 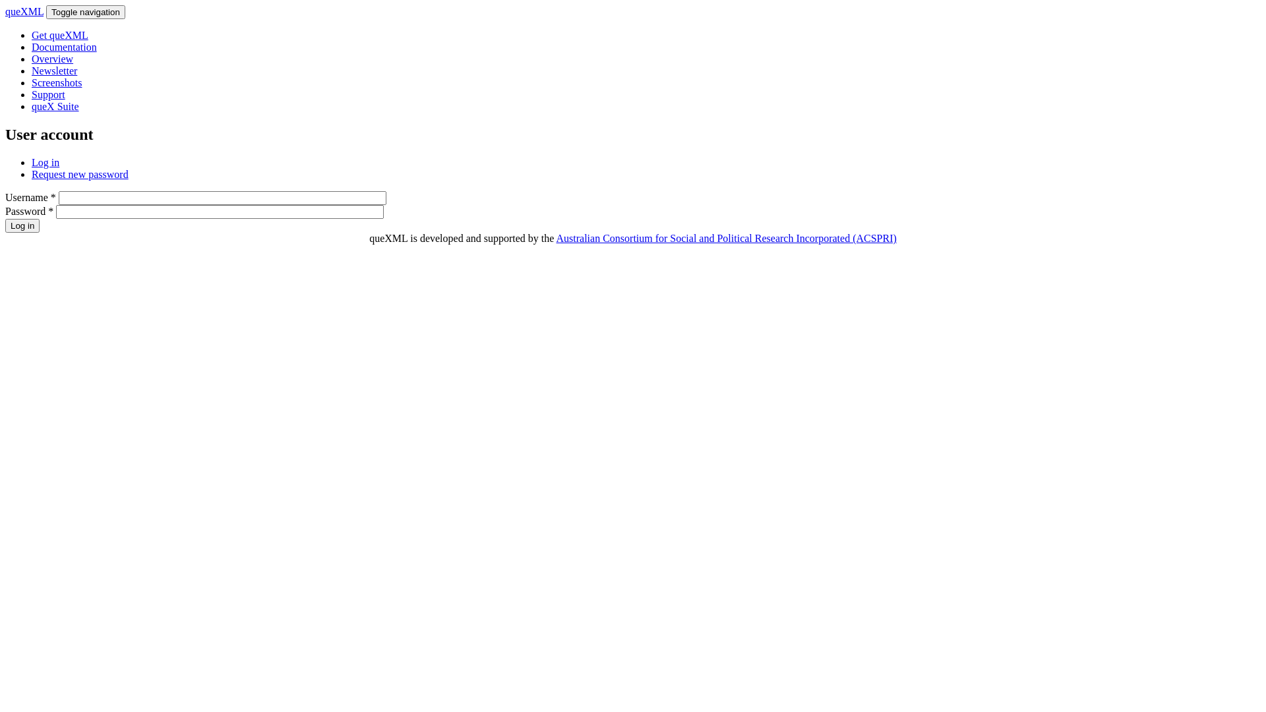 I want to click on 'Log in, so click(x=45, y=162).